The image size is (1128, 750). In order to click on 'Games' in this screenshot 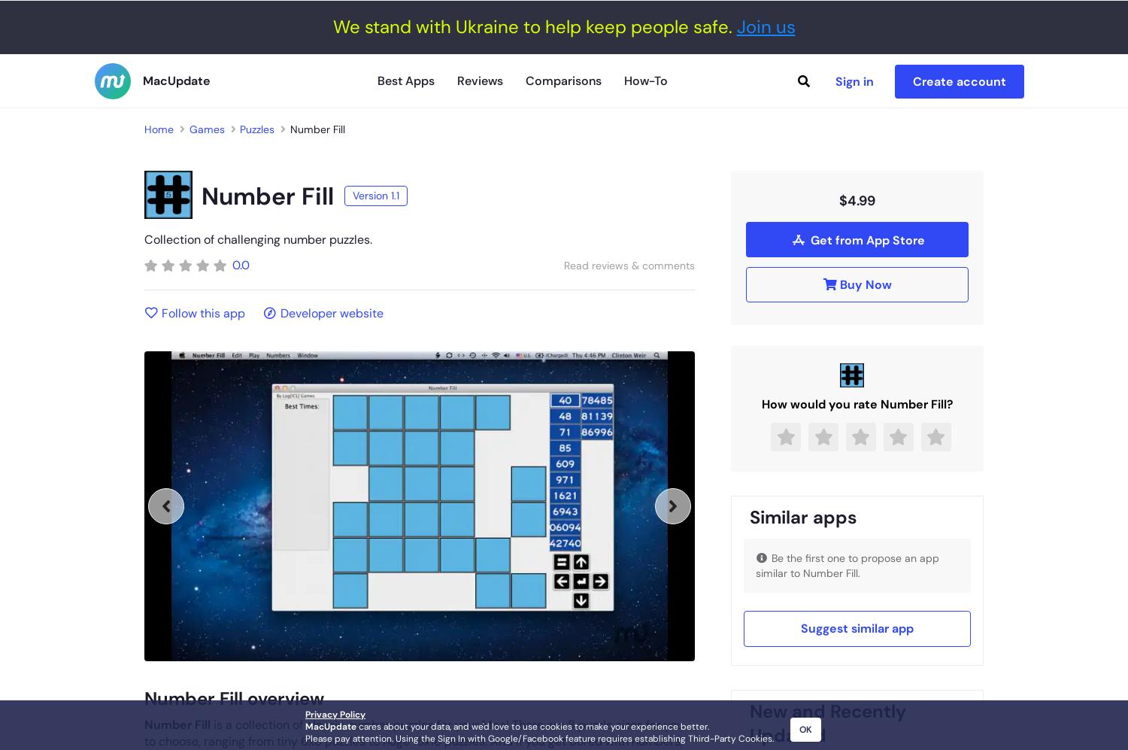, I will do `click(206, 128)`.